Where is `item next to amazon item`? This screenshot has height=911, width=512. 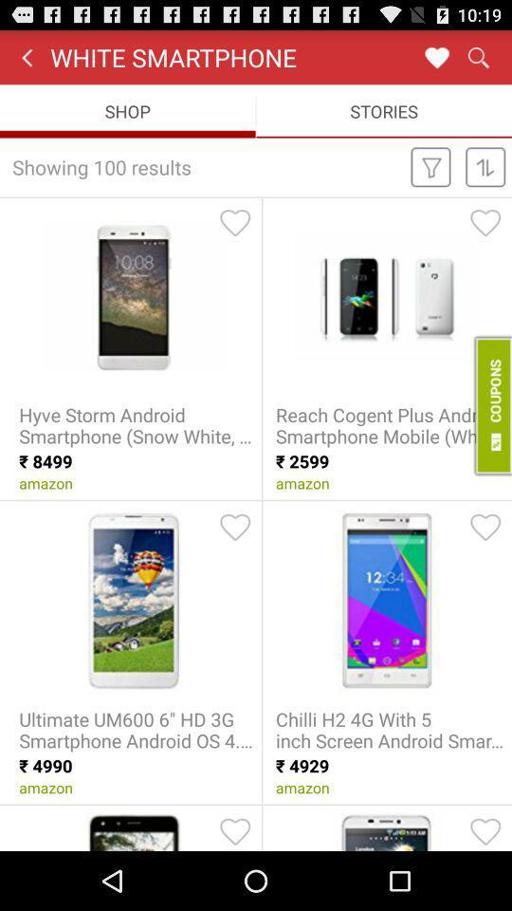
item next to amazon item is located at coordinates (491, 405).